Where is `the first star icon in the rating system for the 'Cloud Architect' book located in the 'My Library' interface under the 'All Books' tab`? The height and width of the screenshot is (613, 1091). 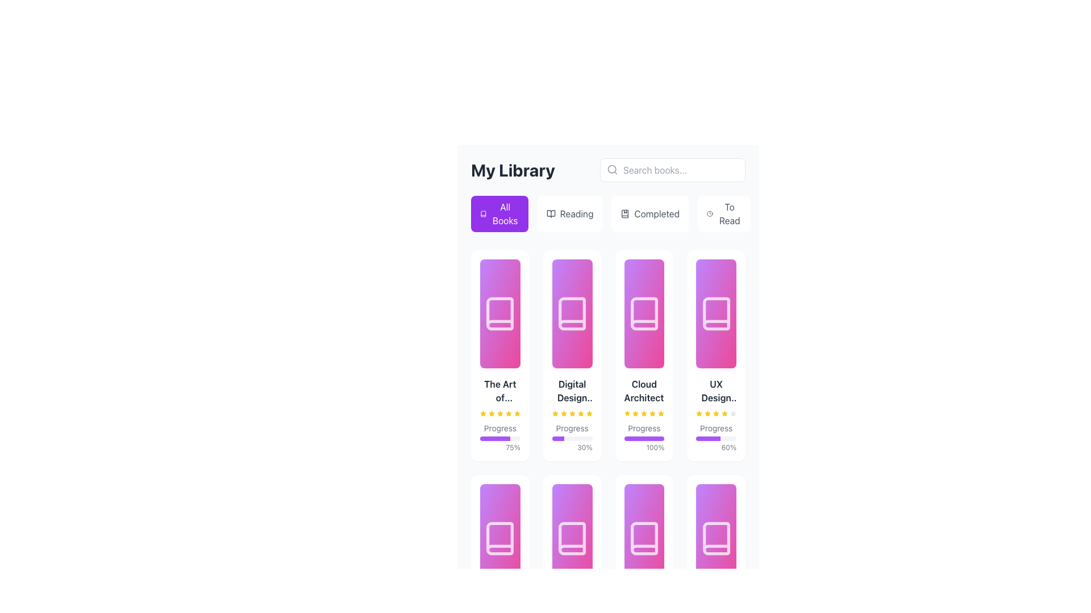
the first star icon in the rating system for the 'Cloud Architect' book located in the 'My Library' interface under the 'All Books' tab is located at coordinates (627, 414).